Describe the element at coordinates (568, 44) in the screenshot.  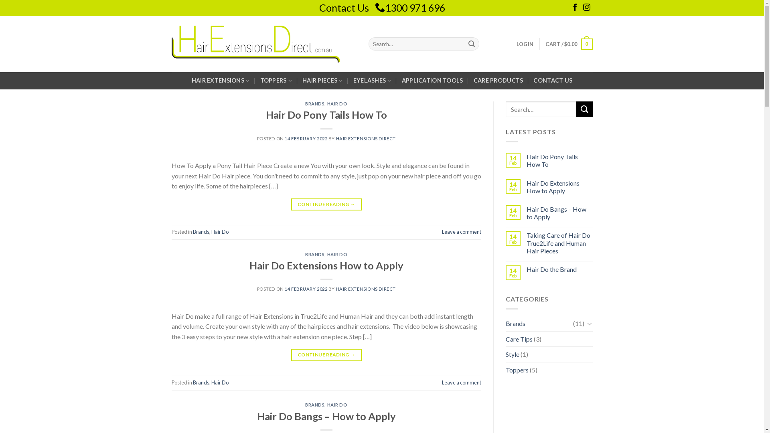
I see `'CART / $0.00` at that location.